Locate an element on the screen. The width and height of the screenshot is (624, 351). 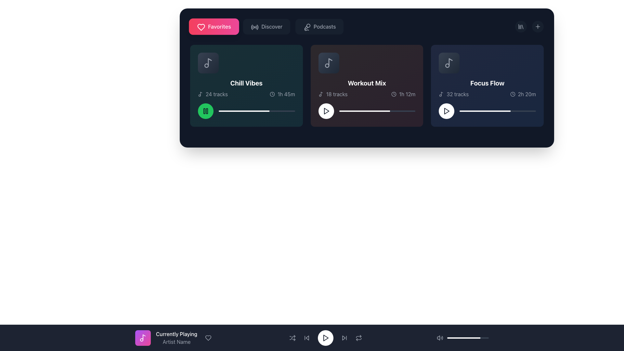
the text label displaying the word 'Discover', which is centrally aligned in a navigation bar and is the second option between 'Favorites' and 'Podcasts' is located at coordinates (272, 26).